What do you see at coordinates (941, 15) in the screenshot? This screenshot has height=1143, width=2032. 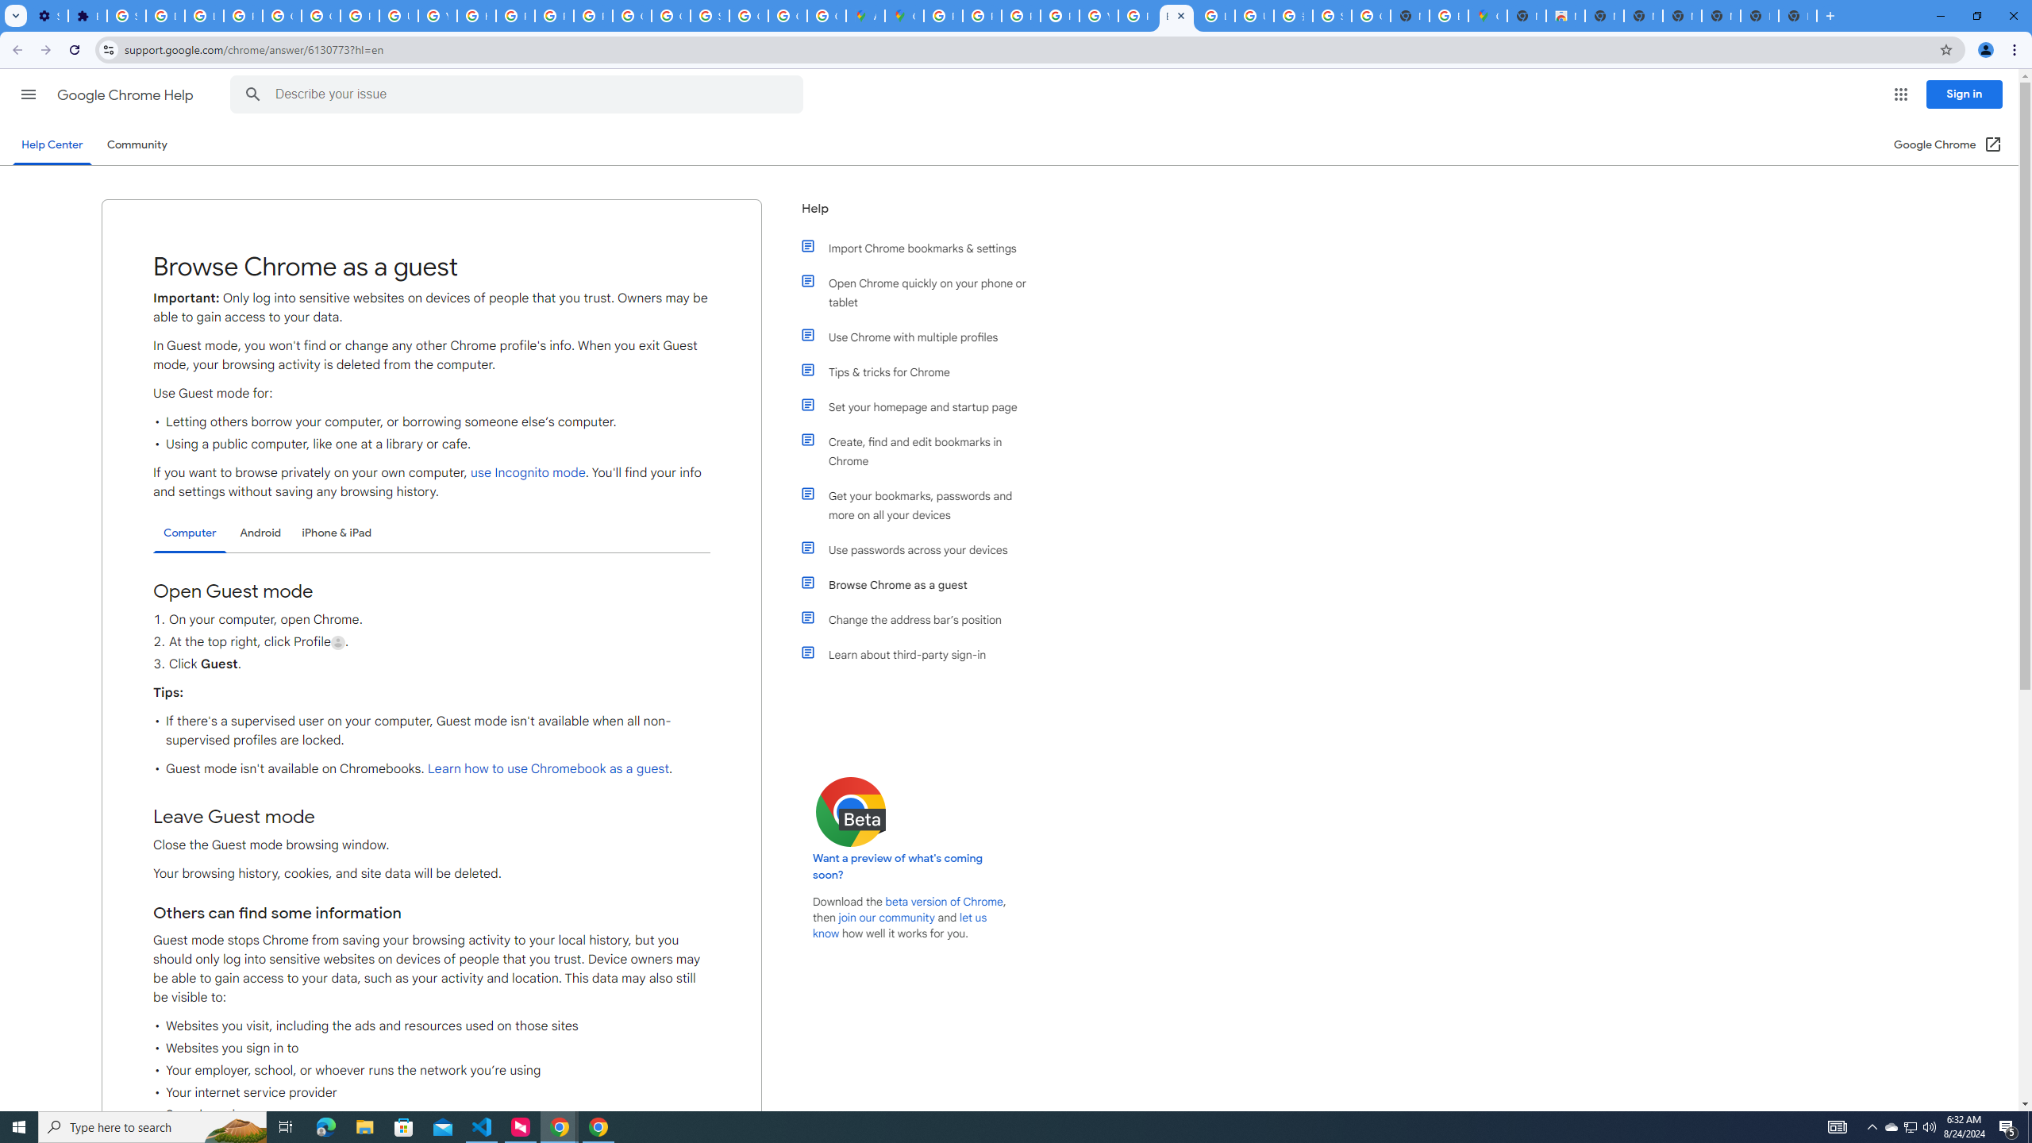 I see `'Policy Accountability and Transparency - Transparency Center'` at bounding box center [941, 15].